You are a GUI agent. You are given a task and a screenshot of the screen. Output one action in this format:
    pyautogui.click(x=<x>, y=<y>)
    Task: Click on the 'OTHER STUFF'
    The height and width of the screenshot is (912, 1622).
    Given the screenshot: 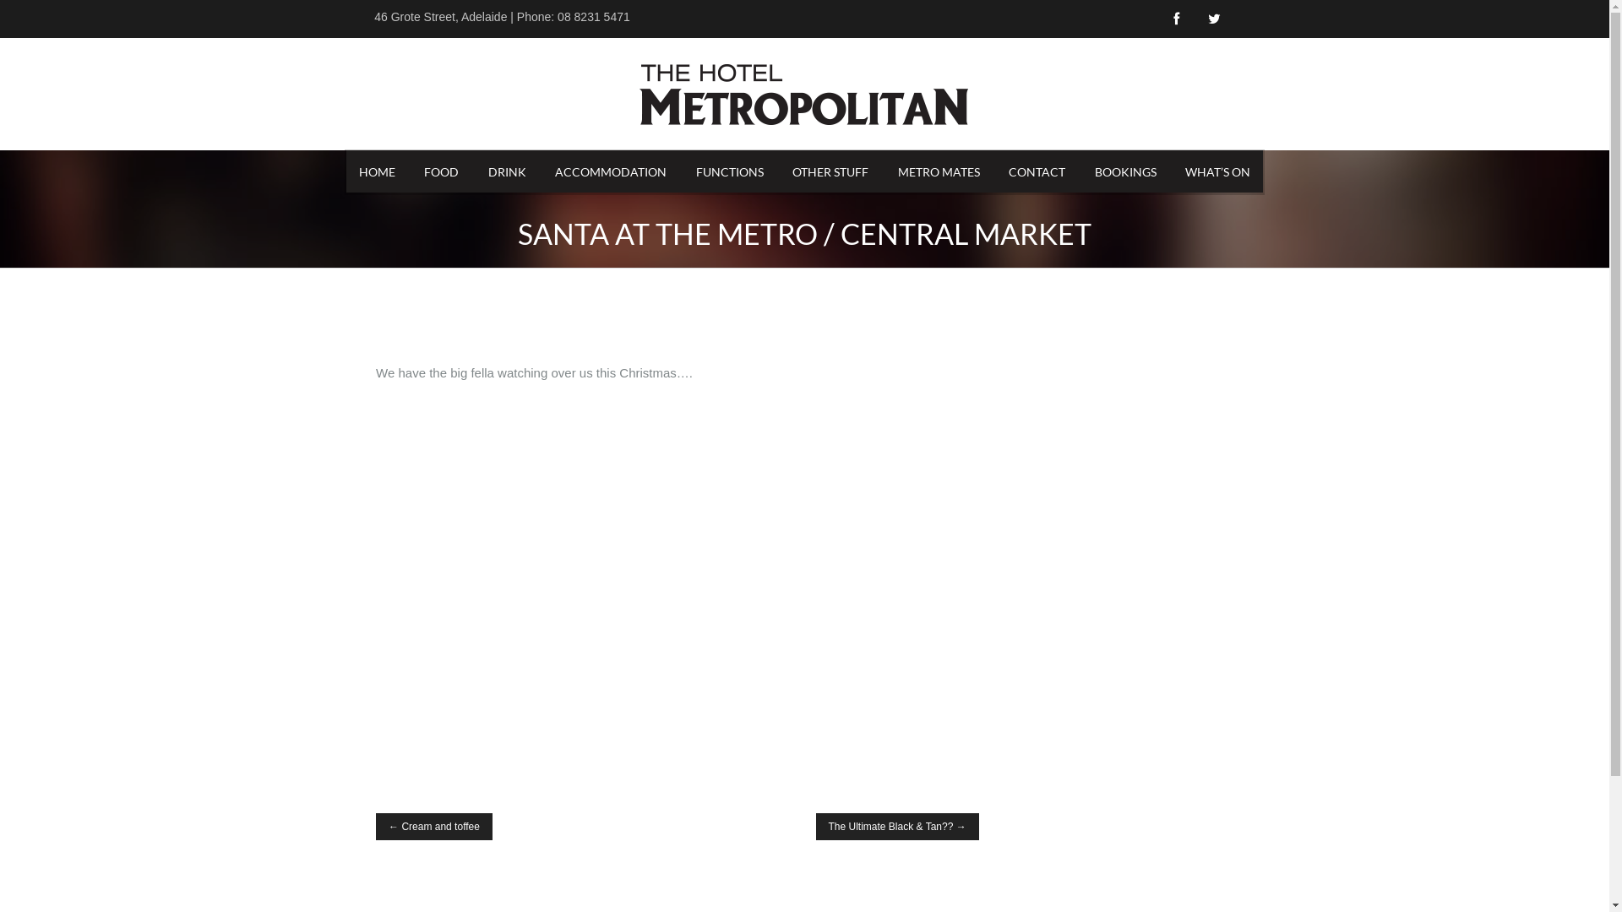 What is the action you would take?
    pyautogui.click(x=778, y=171)
    